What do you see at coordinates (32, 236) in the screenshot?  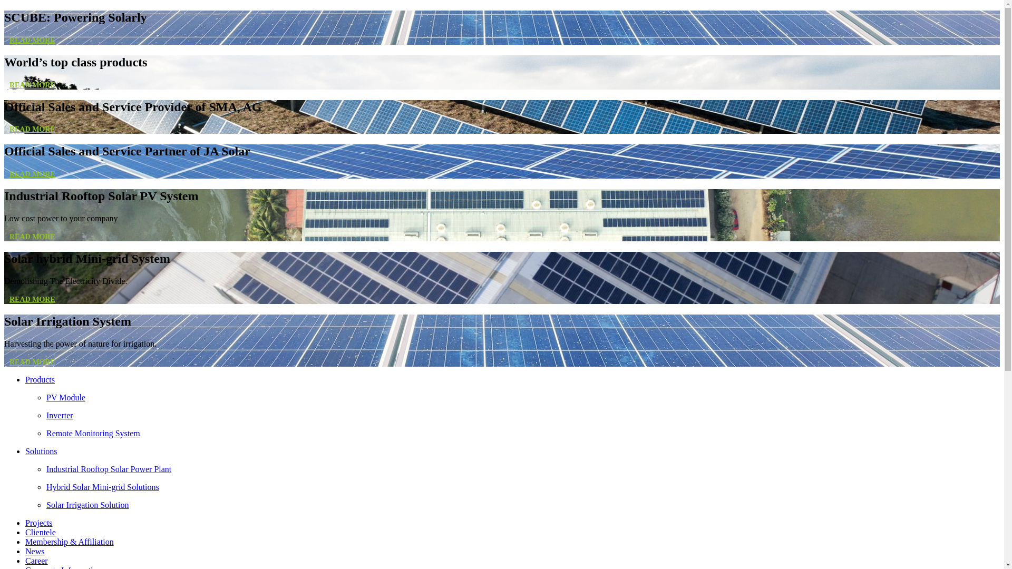 I see `'READ MORE'` at bounding box center [32, 236].